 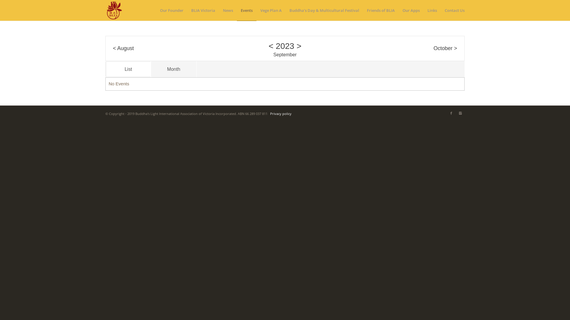 What do you see at coordinates (411, 10) in the screenshot?
I see `'Our Apps'` at bounding box center [411, 10].